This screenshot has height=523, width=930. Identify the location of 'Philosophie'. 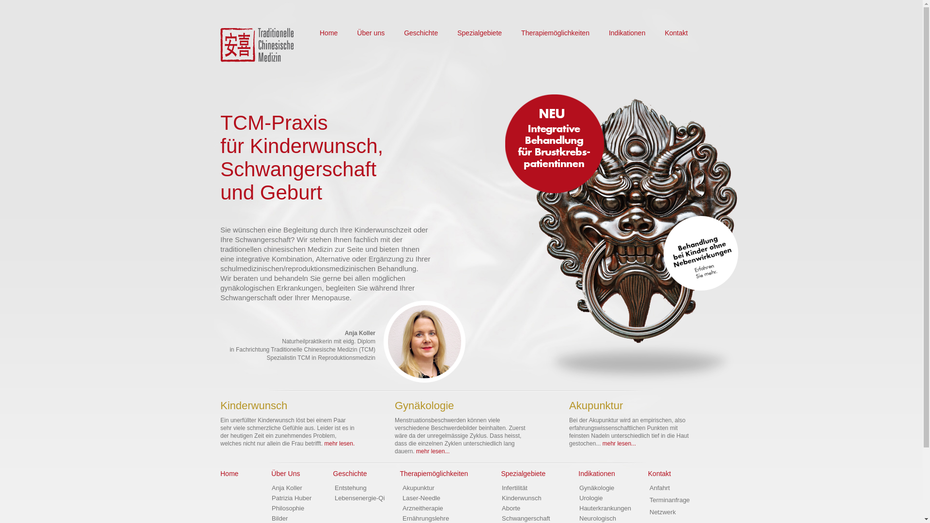
(287, 508).